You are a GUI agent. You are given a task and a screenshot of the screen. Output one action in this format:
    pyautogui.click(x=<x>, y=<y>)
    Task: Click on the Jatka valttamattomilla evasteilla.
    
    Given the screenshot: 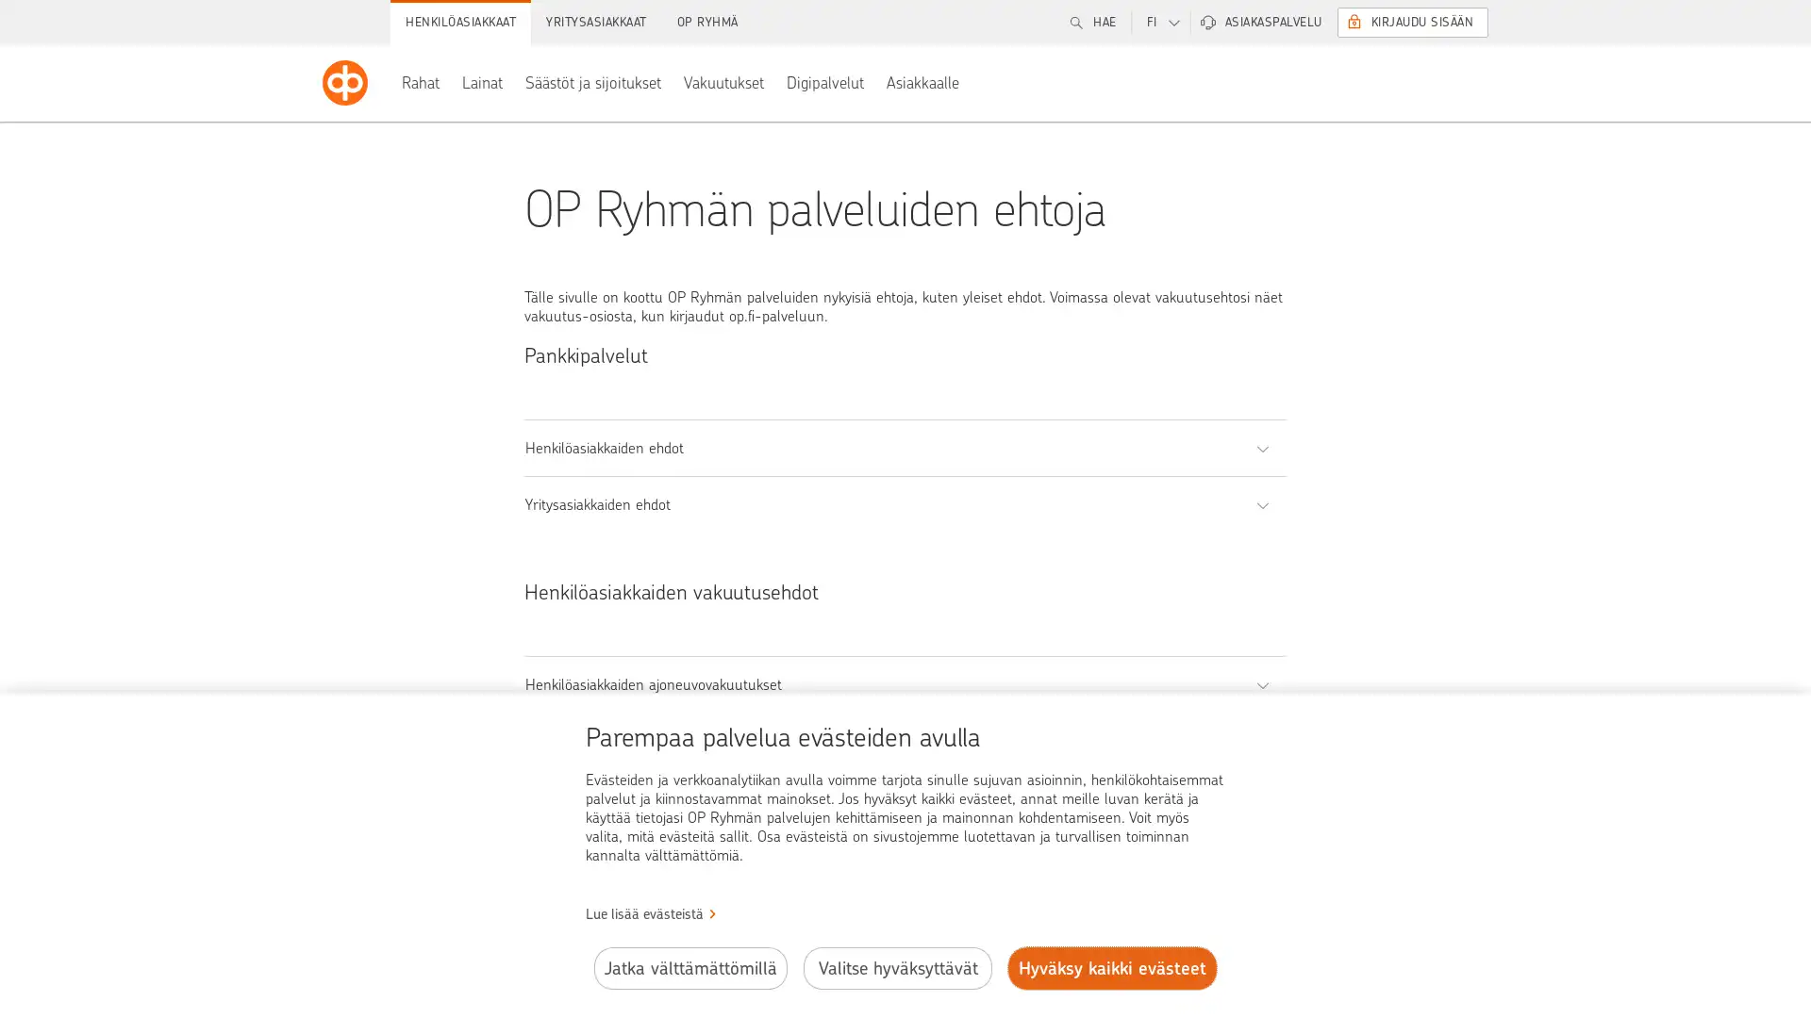 What is the action you would take?
    pyautogui.click(x=689, y=968)
    